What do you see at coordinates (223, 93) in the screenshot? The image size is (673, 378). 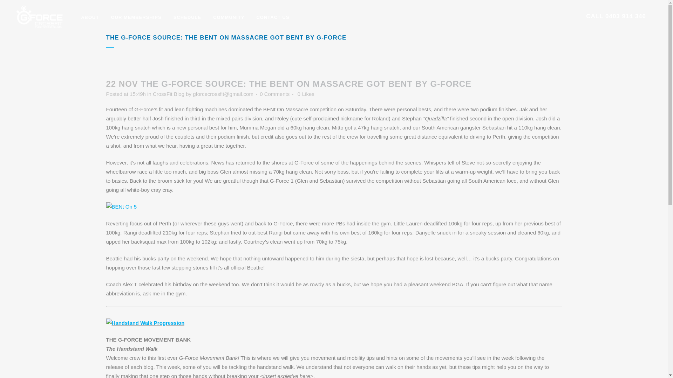 I see `'gforcecrossfit@gmail.com'` at bounding box center [223, 93].